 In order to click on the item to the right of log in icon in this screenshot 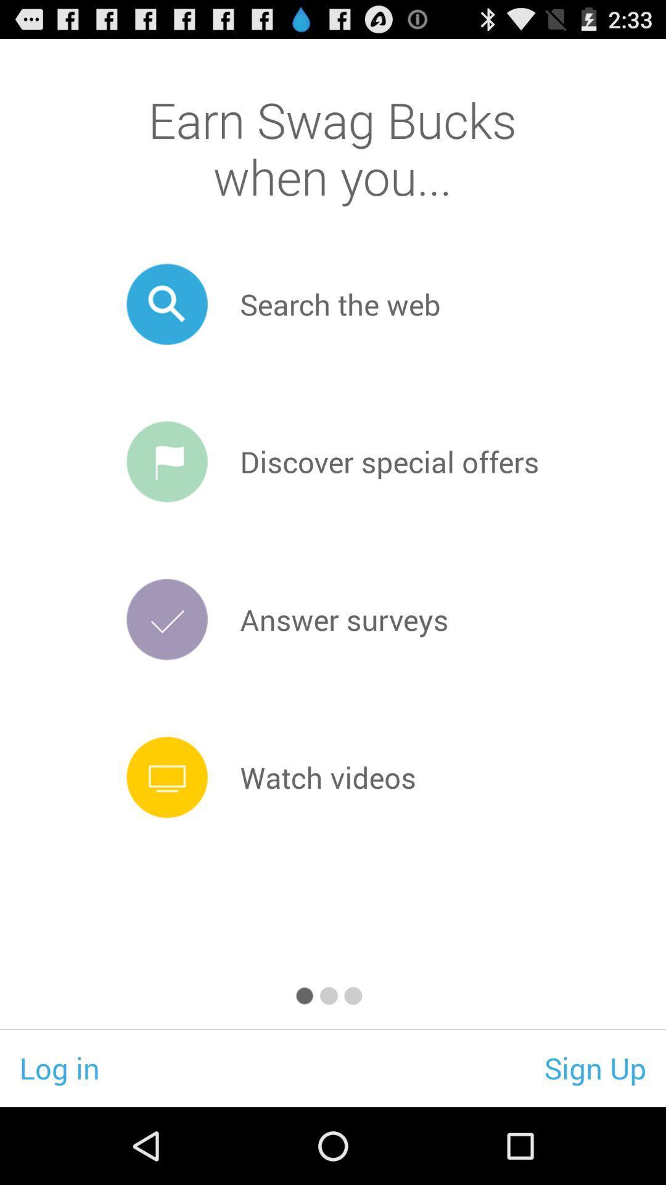, I will do `click(594, 1067)`.